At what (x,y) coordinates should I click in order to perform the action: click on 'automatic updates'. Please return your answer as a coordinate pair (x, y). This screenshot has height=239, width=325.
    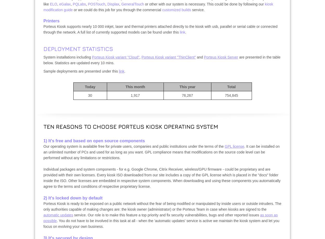
    Looking at the image, I should click on (58, 215).